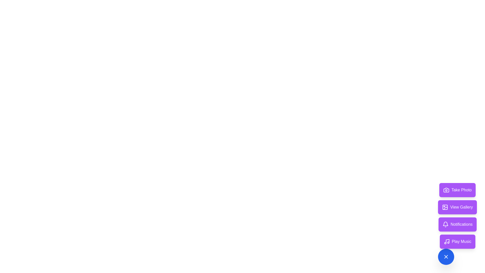 The image size is (485, 273). What do you see at coordinates (446, 257) in the screenshot?
I see `the crisscross icon within the blue circular button located at the bottom right of the interface` at bounding box center [446, 257].